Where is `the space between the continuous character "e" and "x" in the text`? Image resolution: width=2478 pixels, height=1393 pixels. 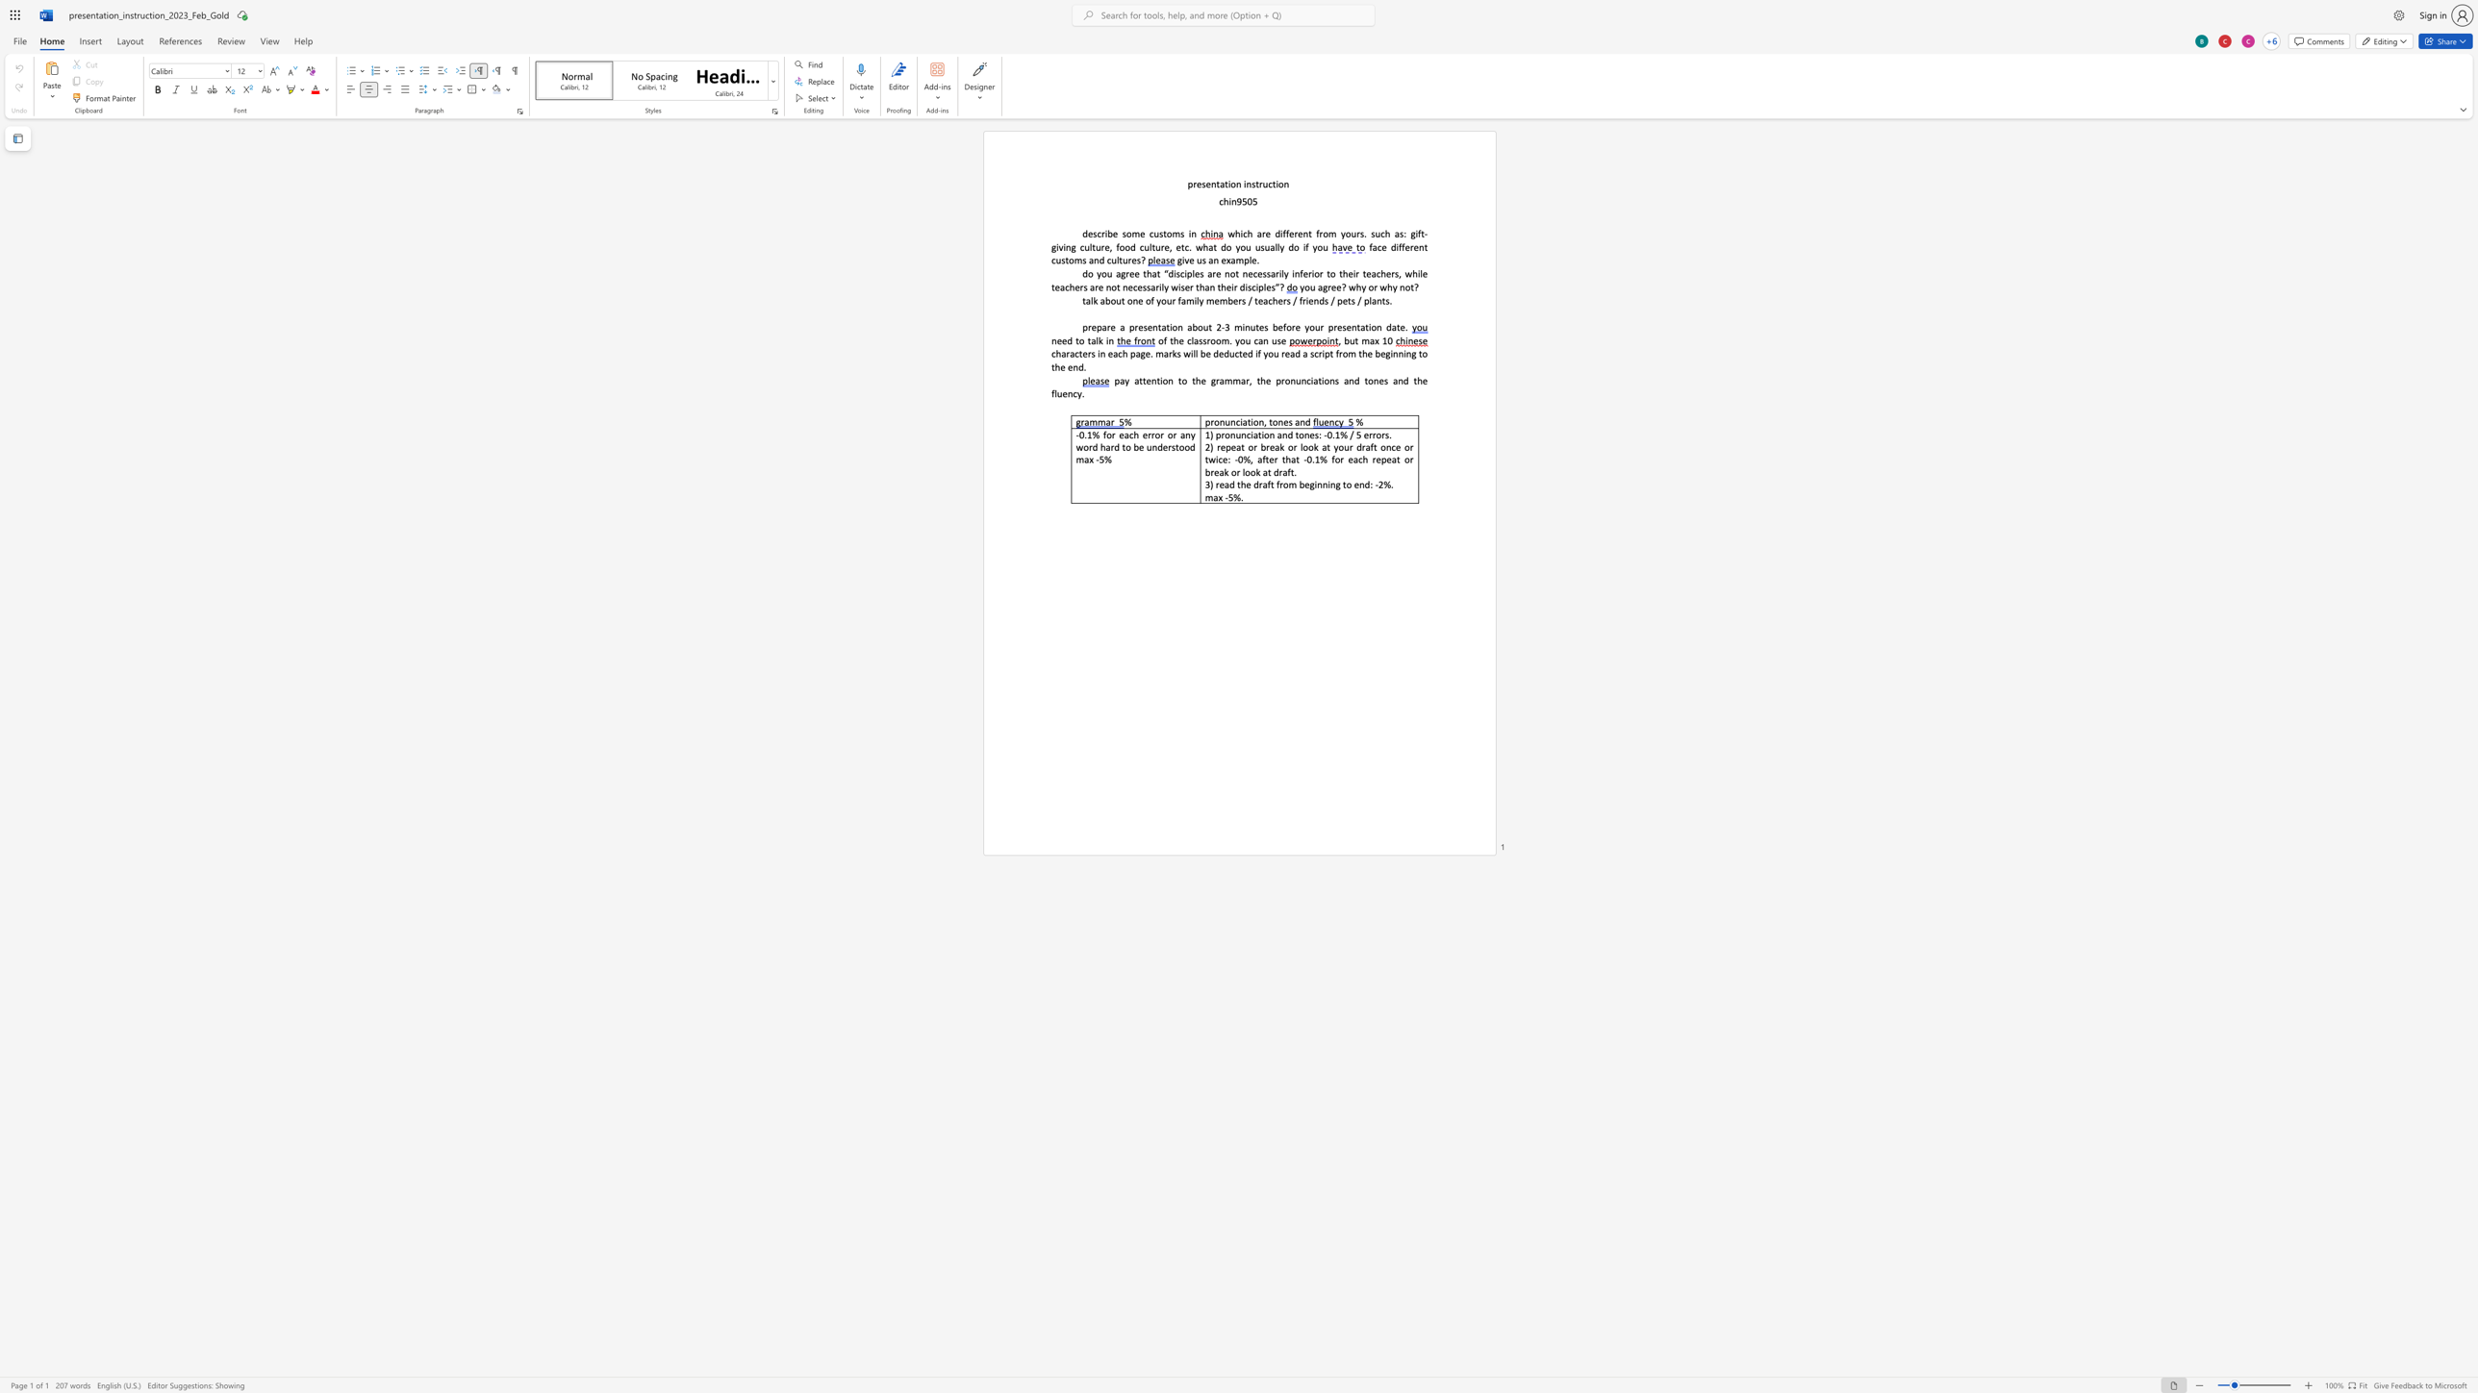 the space between the continuous character "e" and "x" in the text is located at coordinates (1225, 260).